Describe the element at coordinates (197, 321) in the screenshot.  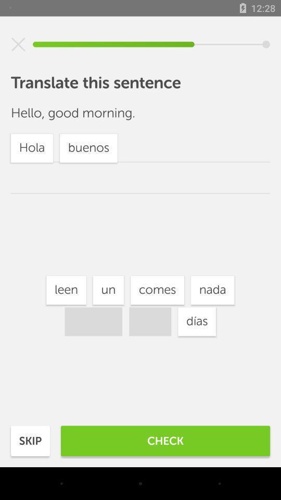
I see `item next to hola icon` at that location.